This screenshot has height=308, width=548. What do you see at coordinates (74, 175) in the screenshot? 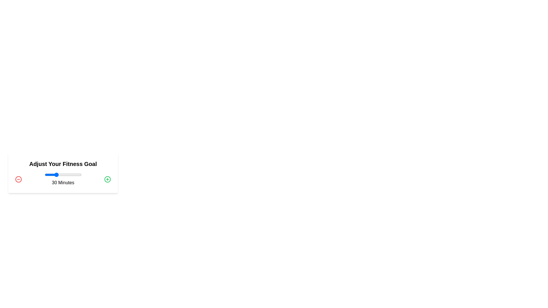
I see `the slider` at bounding box center [74, 175].